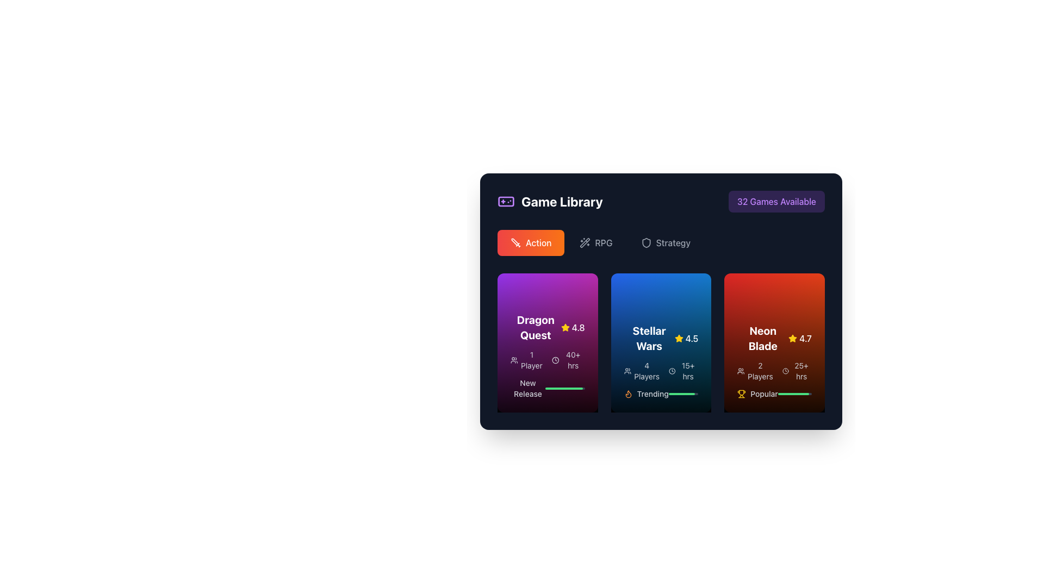 The width and height of the screenshot is (1044, 587). Describe the element at coordinates (627, 370) in the screenshot. I see `the icon representing the number of players supported for the 'Stellar Wars' game, located to the left of the text '4 Players'` at that location.